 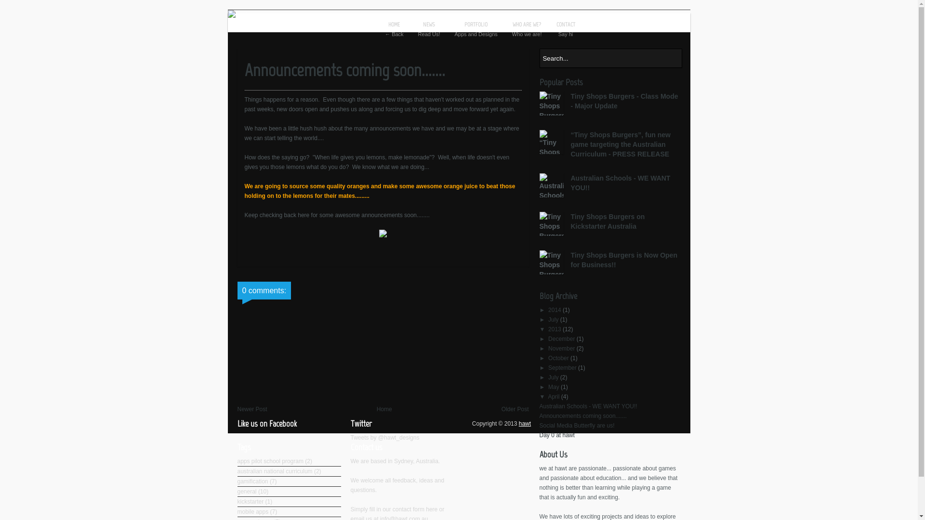 I want to click on 'WHO ARE WE?, so click(x=527, y=29).